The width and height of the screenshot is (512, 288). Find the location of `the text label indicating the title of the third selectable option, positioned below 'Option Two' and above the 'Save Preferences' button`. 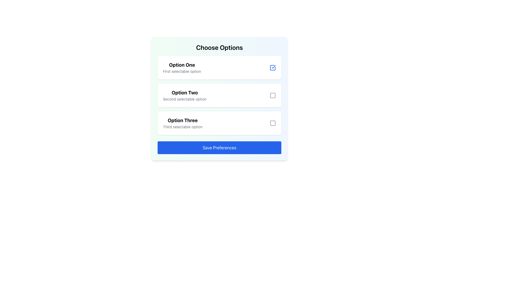

the text label indicating the title of the third selectable option, positioned below 'Option Two' and above the 'Save Preferences' button is located at coordinates (183, 120).